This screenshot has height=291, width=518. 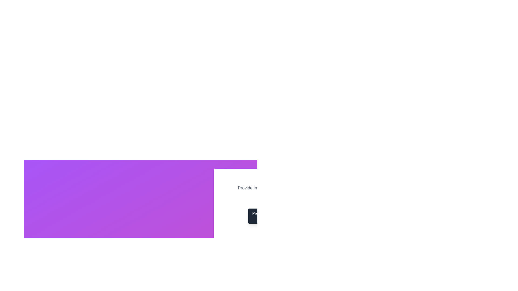 What do you see at coordinates (271, 201) in the screenshot?
I see `the circle SVG element, which represents a 'help' or 'information' feature, located near the lower right portion of the interface` at bounding box center [271, 201].